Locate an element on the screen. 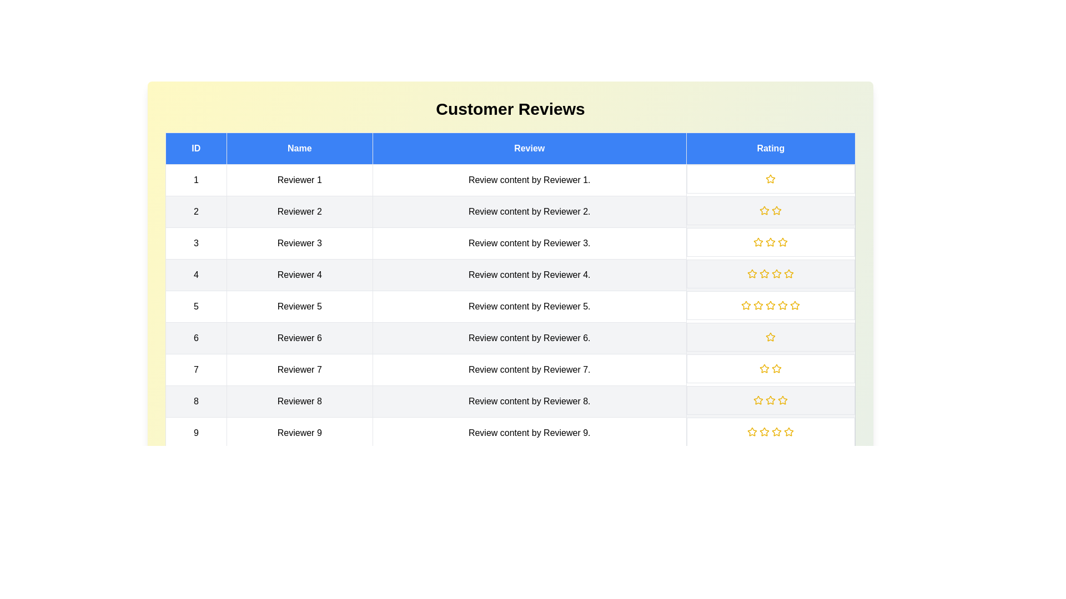  the text within a specified table cell is located at coordinates (196, 179).